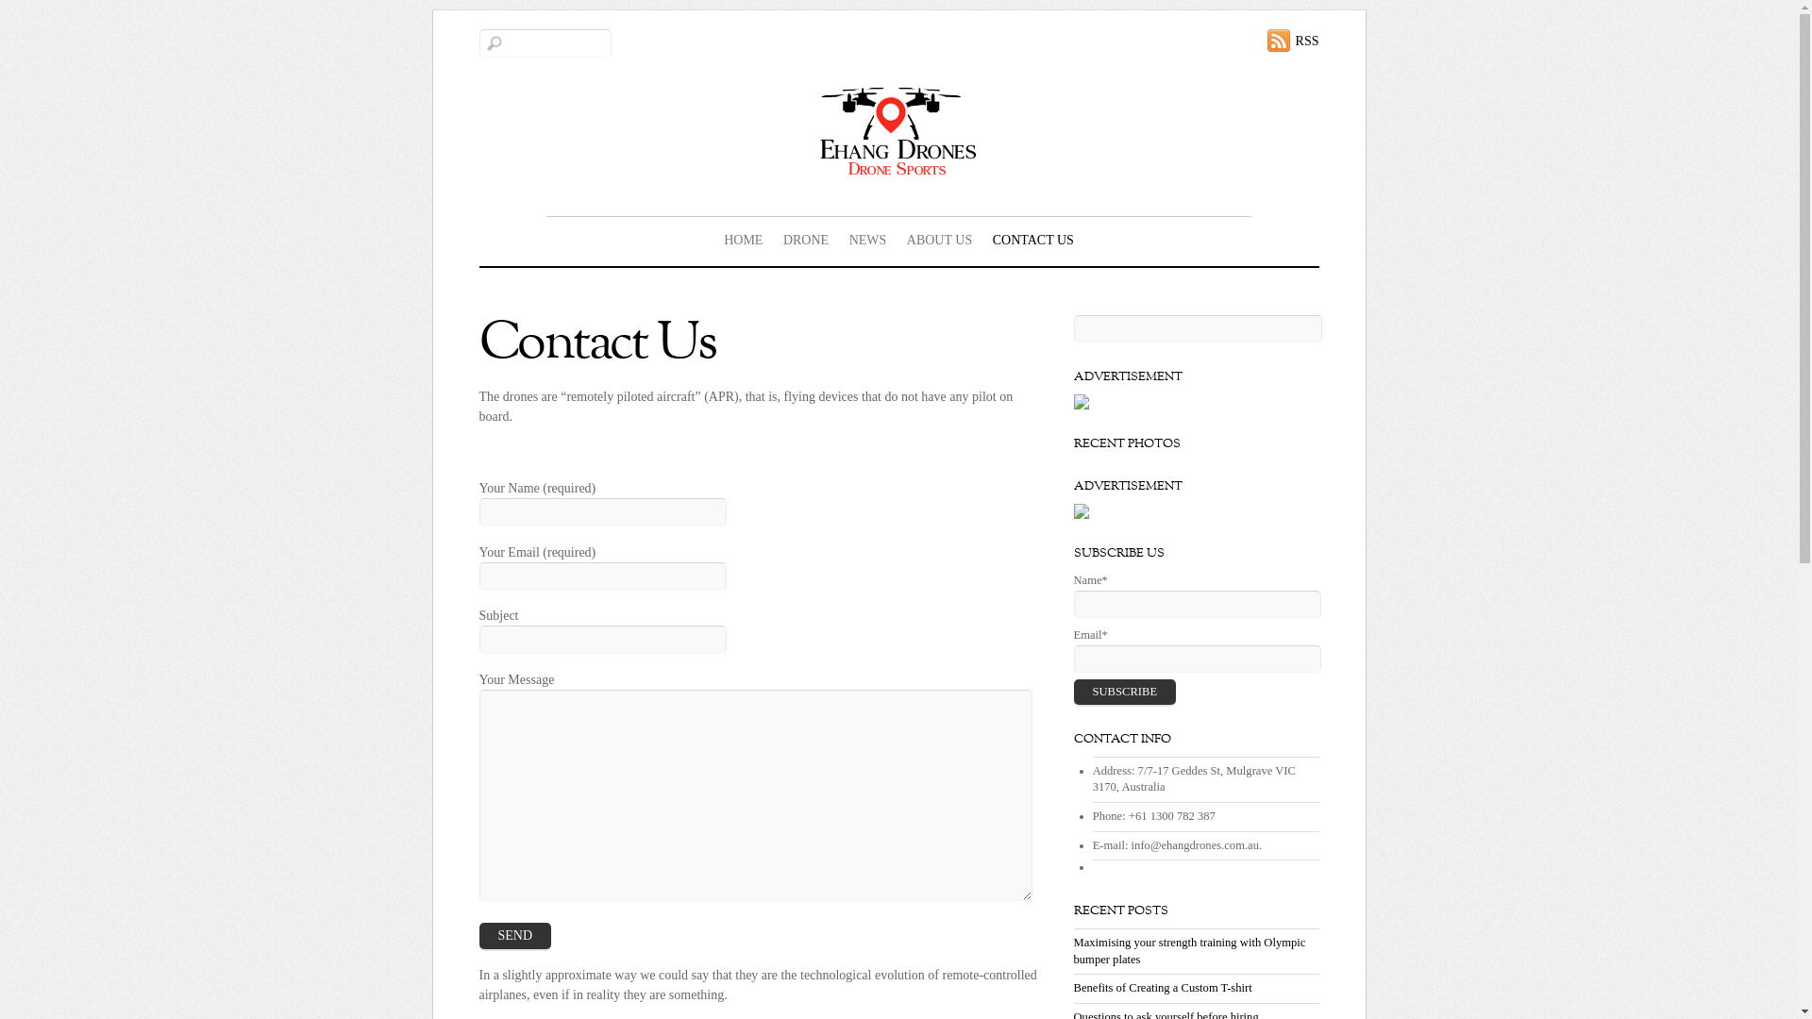 This screenshot has width=1812, height=1019. What do you see at coordinates (897, 129) in the screenshot?
I see `'Ehang Drones'` at bounding box center [897, 129].